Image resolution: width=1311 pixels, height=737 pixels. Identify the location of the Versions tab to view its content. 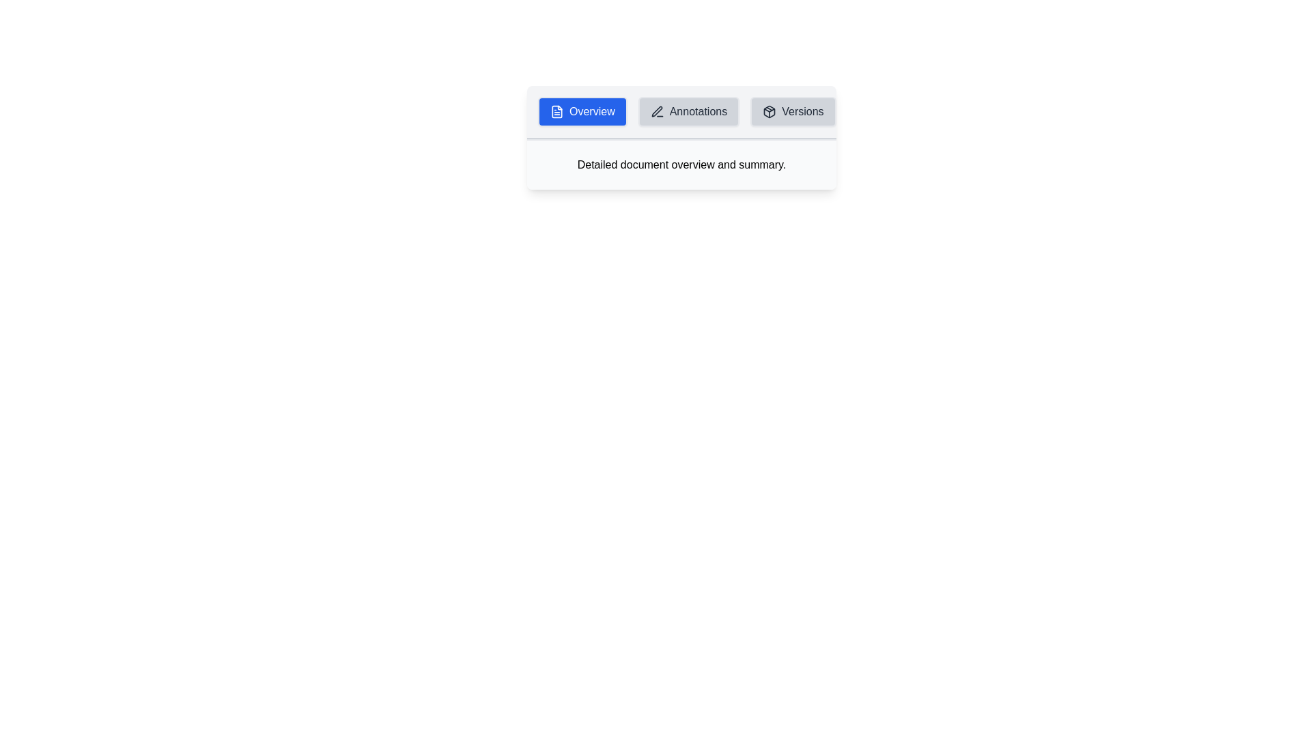
(793, 111).